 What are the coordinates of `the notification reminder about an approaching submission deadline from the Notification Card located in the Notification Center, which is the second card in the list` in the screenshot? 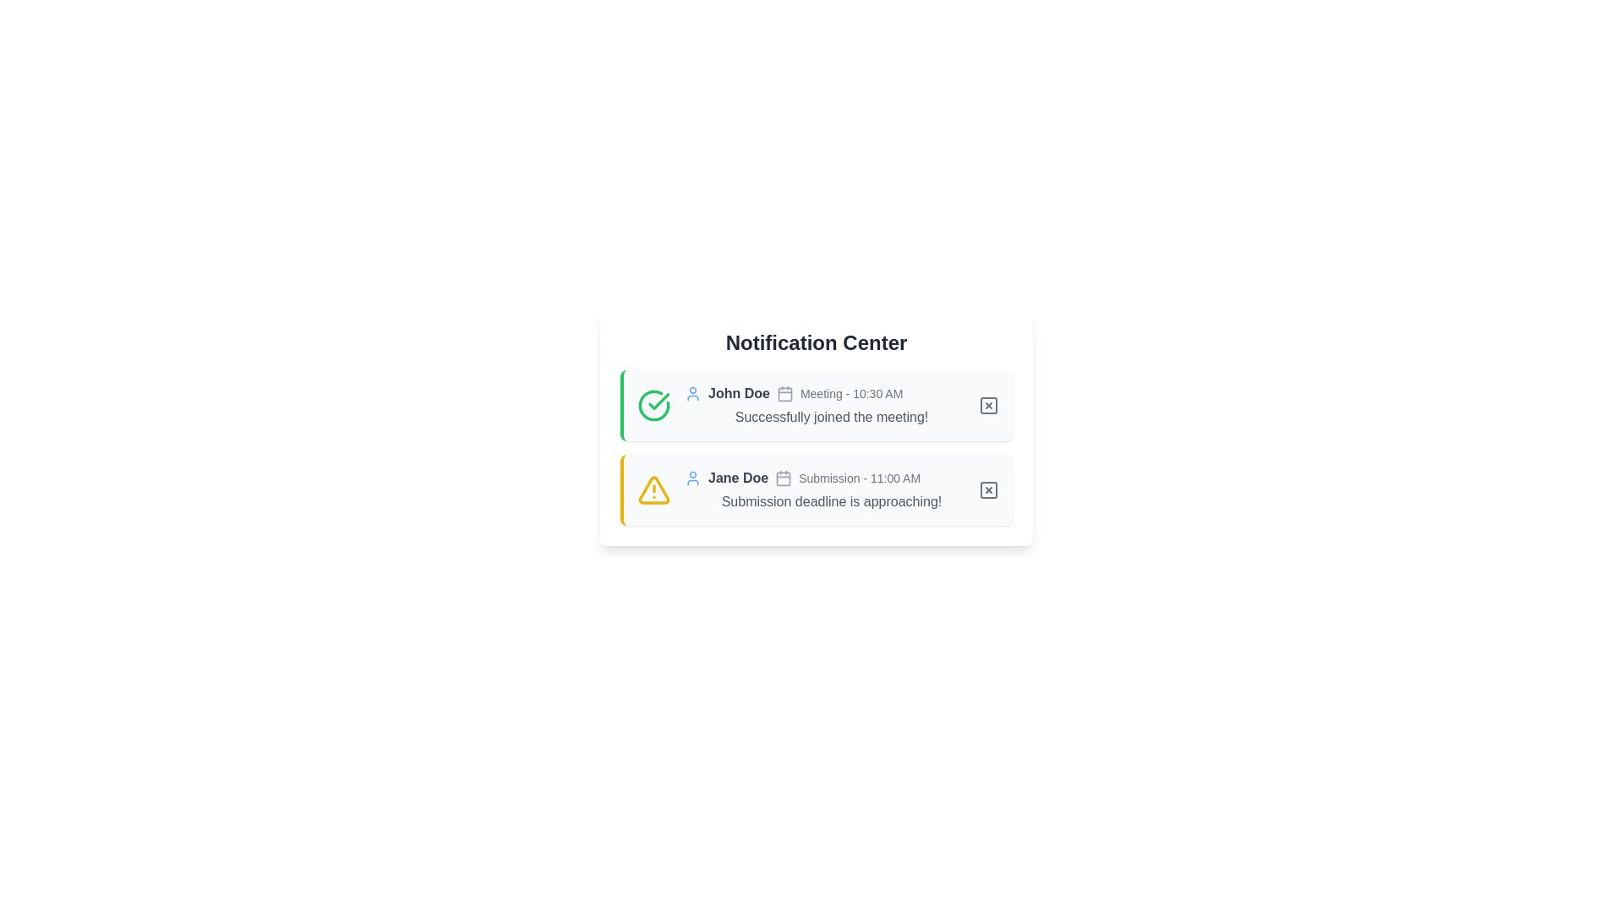 It's located at (816, 489).